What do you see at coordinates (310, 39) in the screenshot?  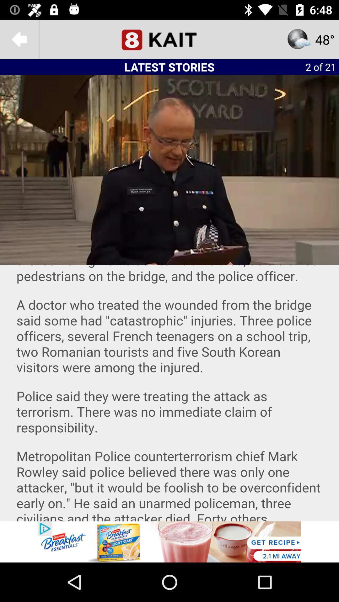 I see `the star icon` at bounding box center [310, 39].